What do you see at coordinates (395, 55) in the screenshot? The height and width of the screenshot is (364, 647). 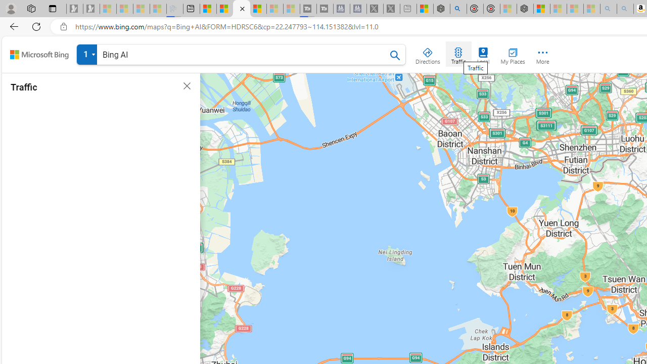 I see `'Search Bing Maps'` at bounding box center [395, 55].